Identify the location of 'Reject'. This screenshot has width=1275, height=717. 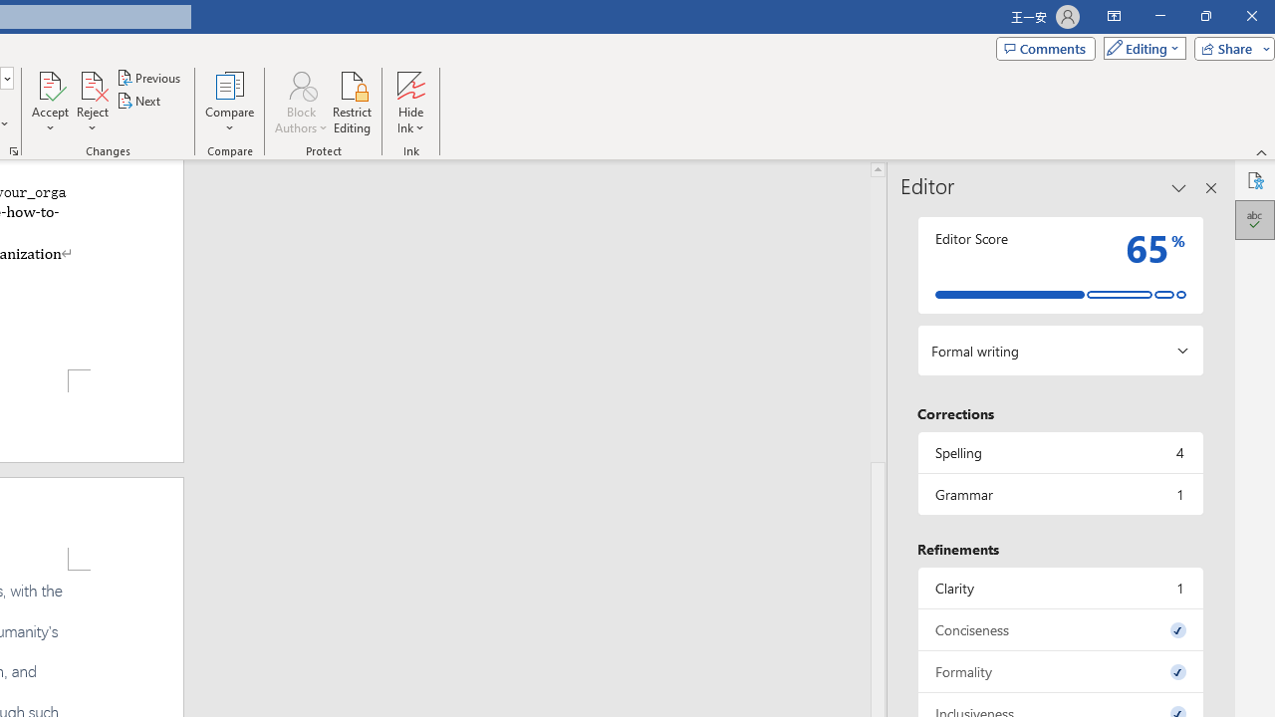
(91, 103).